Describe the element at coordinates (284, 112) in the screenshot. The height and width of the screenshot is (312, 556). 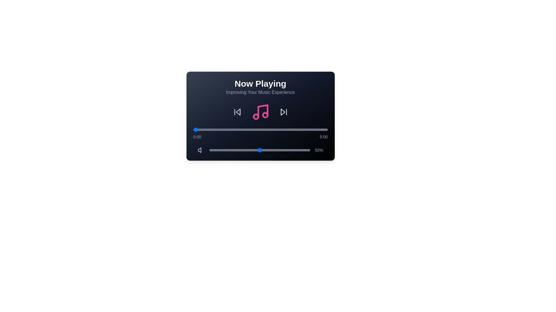
I see `next track button` at that location.